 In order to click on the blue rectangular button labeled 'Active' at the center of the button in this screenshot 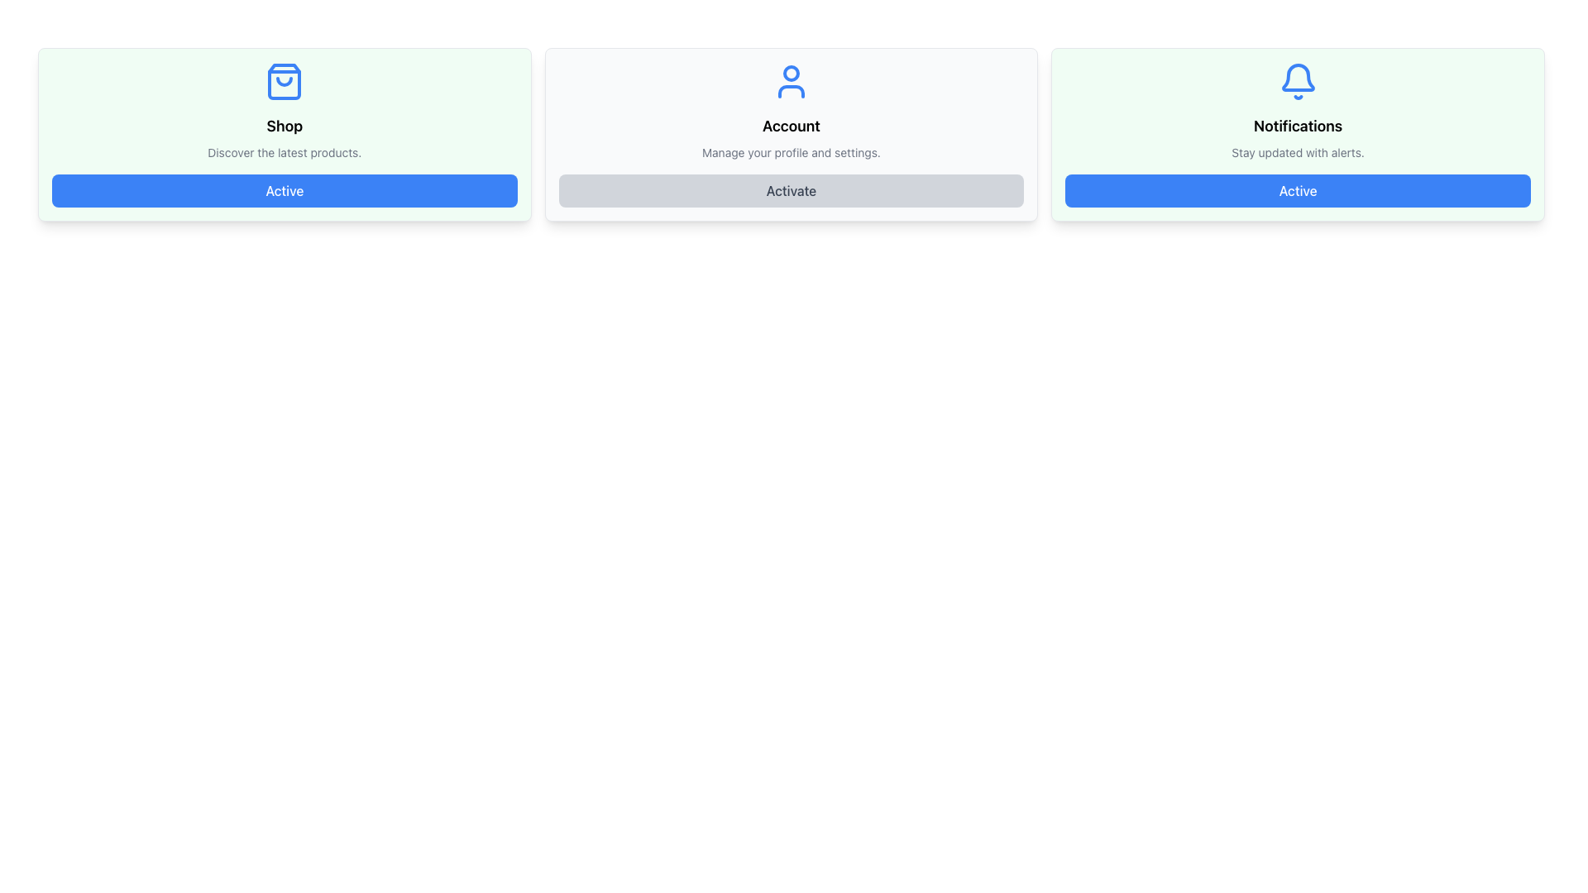, I will do `click(285, 190)`.